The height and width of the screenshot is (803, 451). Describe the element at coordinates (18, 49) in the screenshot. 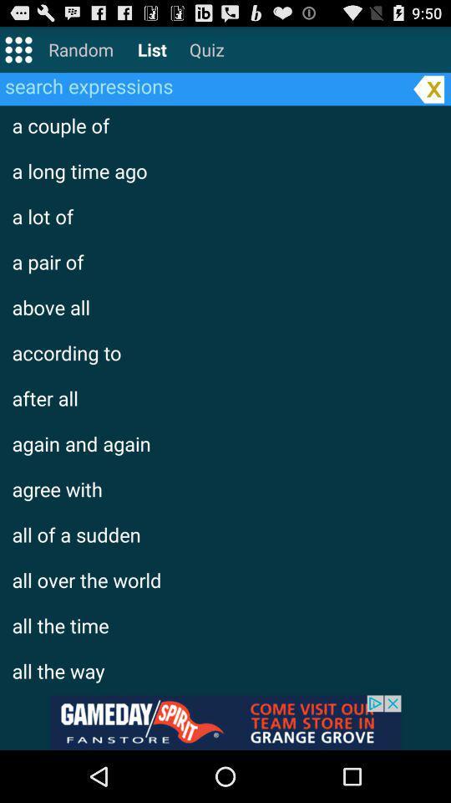

I see `setting the page row` at that location.